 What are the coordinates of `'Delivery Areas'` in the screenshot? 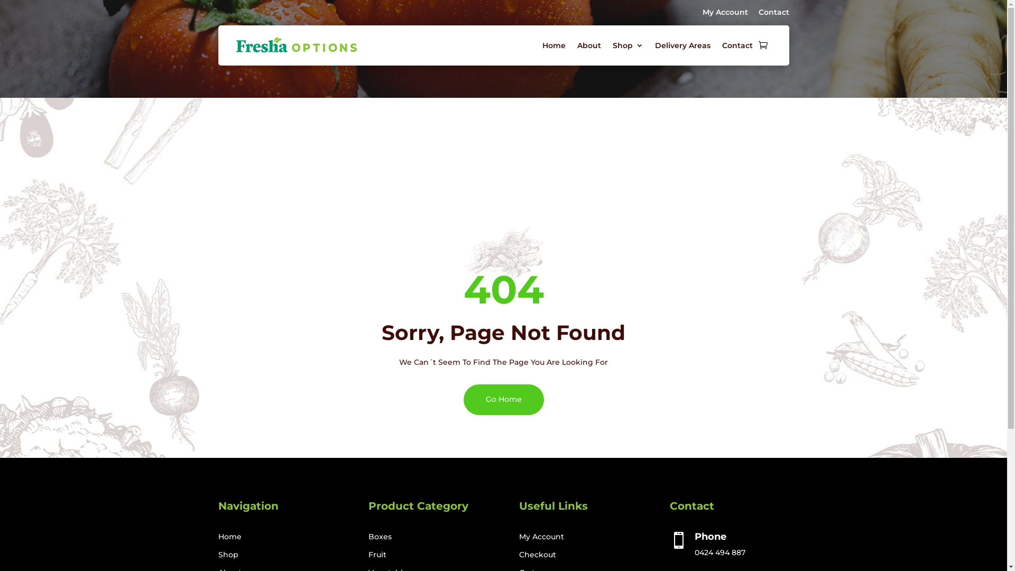 It's located at (654, 44).